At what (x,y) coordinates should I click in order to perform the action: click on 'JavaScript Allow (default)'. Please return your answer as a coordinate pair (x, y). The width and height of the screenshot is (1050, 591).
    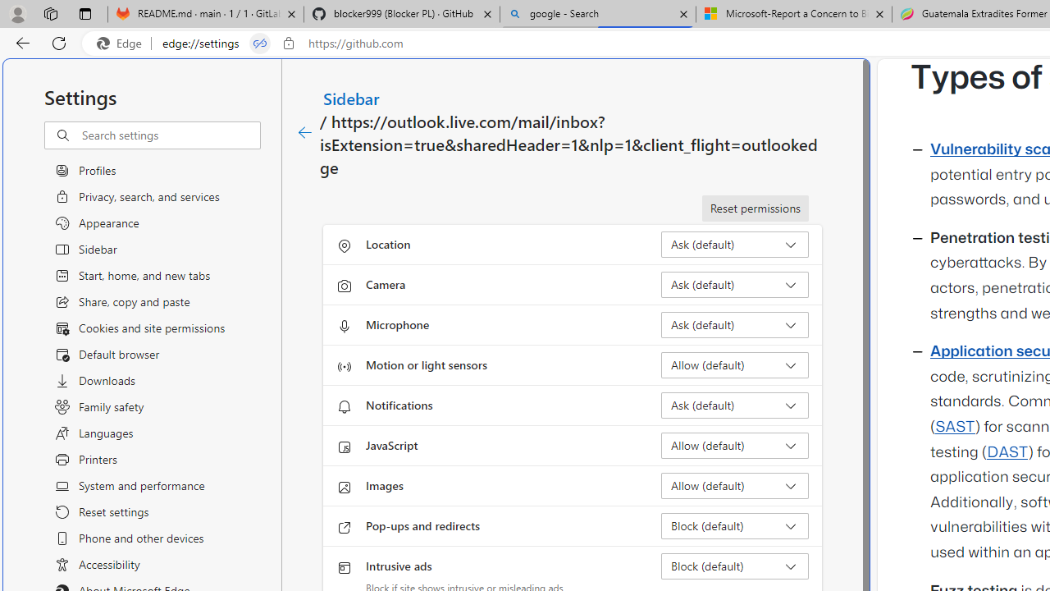
    Looking at the image, I should click on (734, 445).